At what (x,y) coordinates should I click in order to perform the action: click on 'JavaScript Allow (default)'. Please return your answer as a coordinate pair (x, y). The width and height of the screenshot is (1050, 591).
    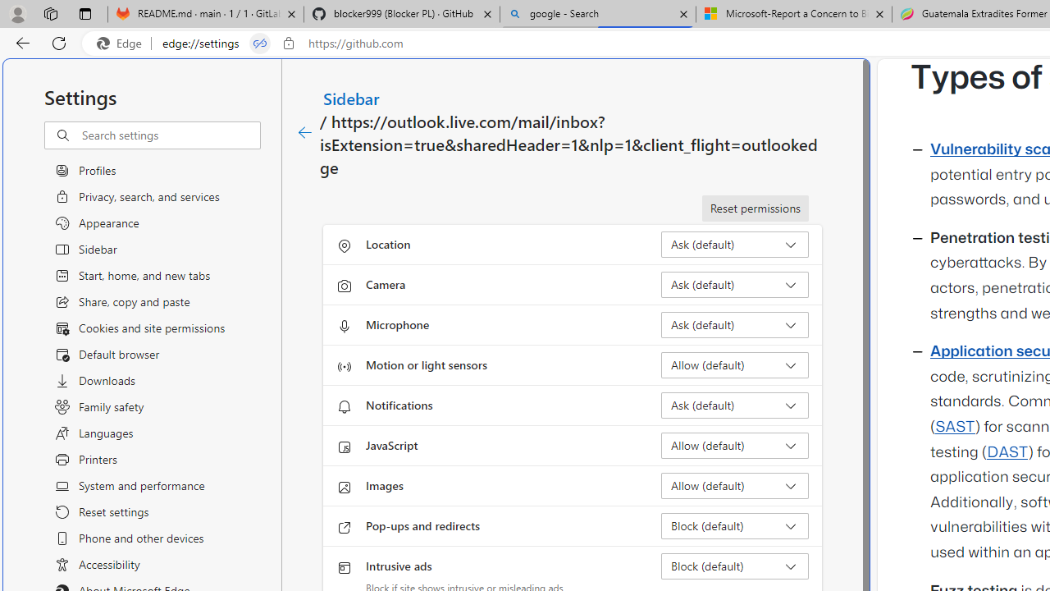
    Looking at the image, I should click on (734, 445).